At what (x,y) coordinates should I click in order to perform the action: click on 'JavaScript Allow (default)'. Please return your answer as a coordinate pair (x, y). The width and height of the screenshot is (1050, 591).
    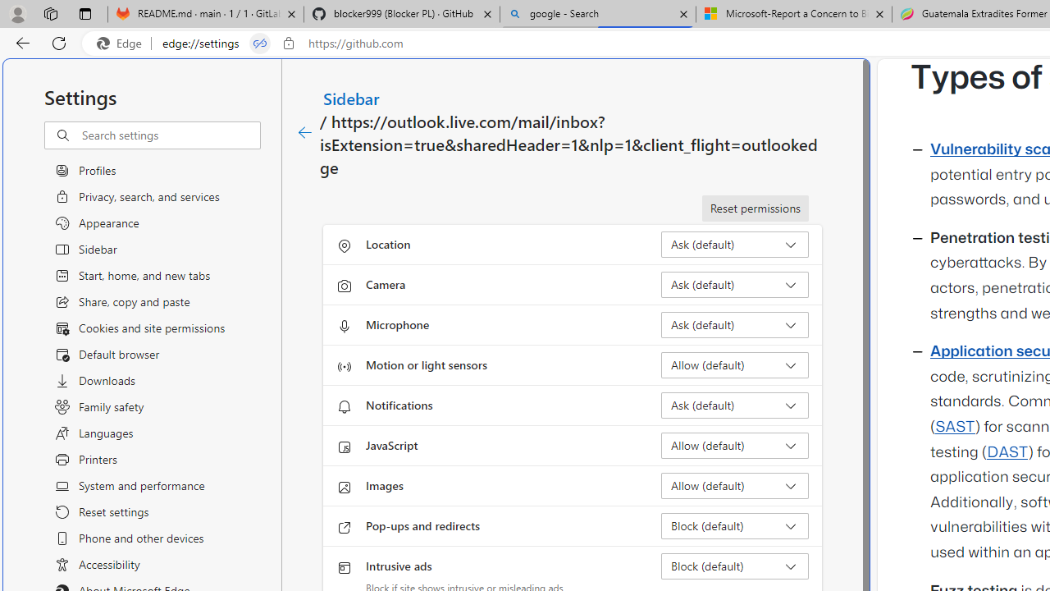
    Looking at the image, I should click on (734, 445).